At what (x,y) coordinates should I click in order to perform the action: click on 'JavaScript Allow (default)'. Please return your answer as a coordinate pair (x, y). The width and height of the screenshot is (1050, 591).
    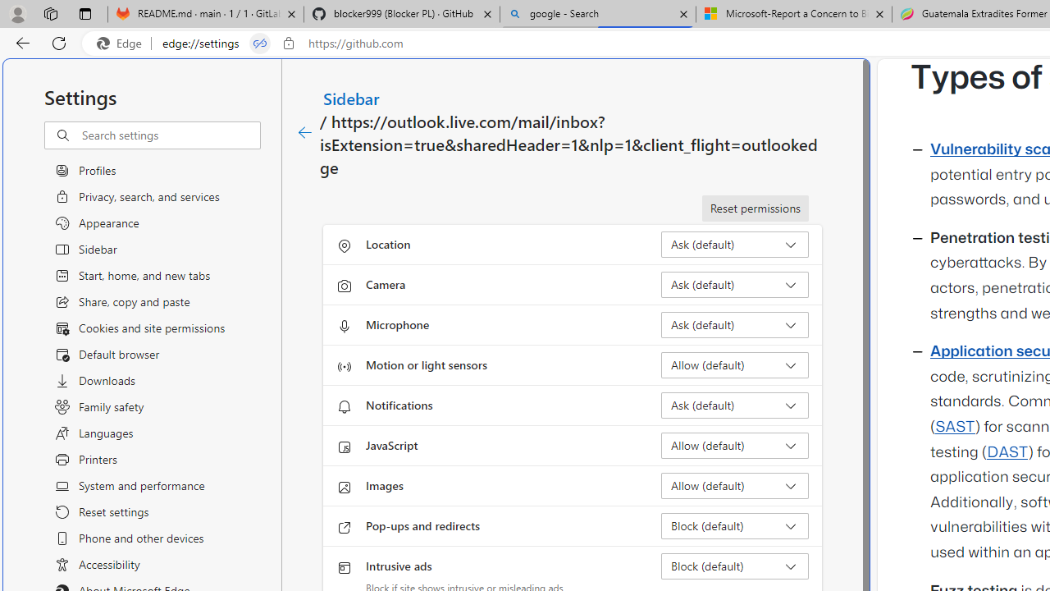
    Looking at the image, I should click on (734, 445).